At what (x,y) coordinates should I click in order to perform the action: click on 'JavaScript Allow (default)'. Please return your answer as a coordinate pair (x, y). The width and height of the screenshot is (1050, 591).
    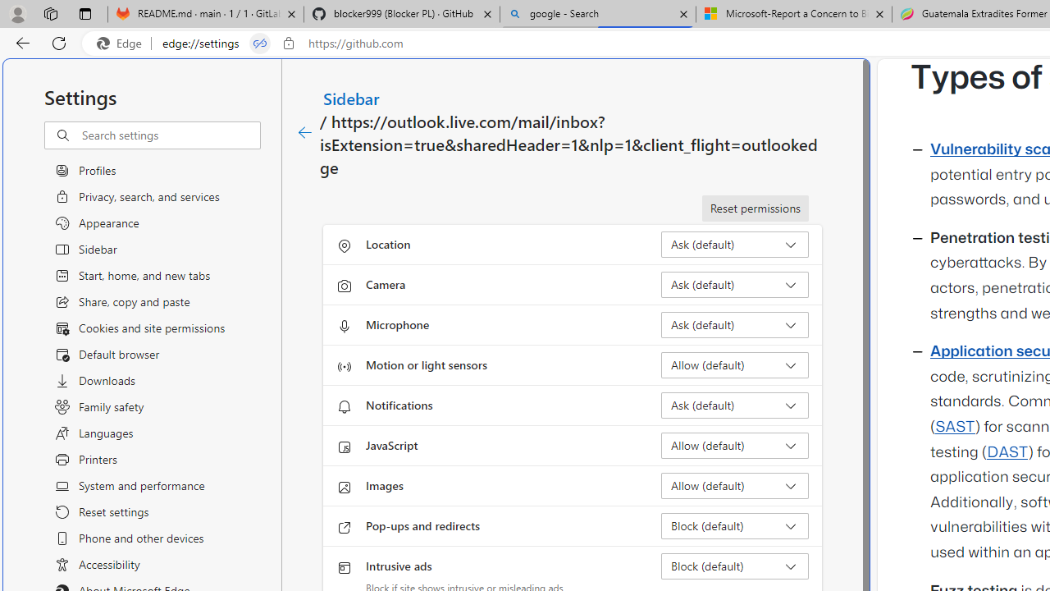
    Looking at the image, I should click on (734, 445).